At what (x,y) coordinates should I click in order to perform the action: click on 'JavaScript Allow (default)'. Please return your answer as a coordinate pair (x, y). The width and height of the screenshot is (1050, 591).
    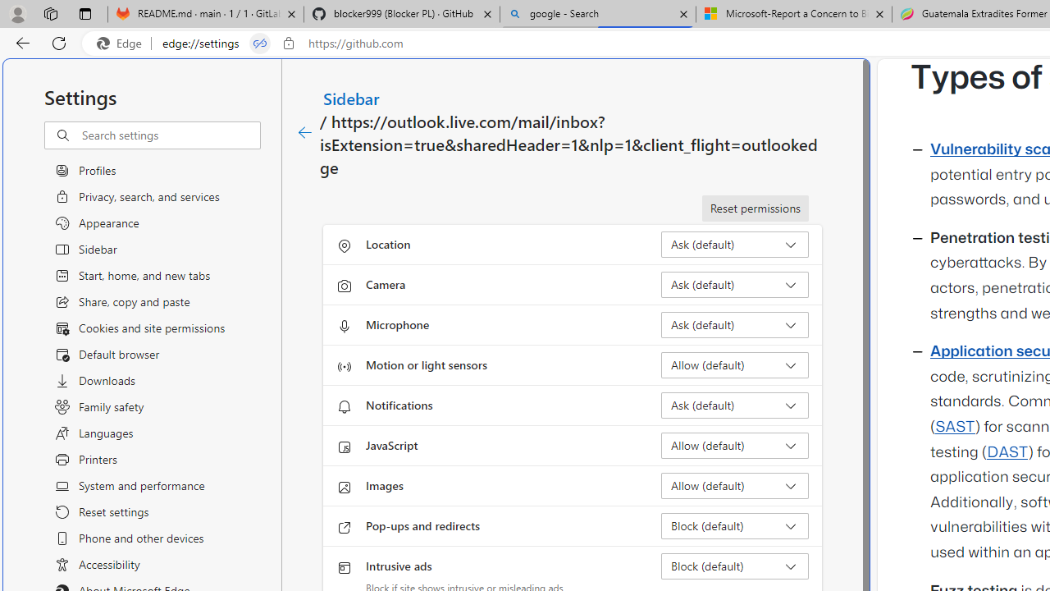
    Looking at the image, I should click on (734, 445).